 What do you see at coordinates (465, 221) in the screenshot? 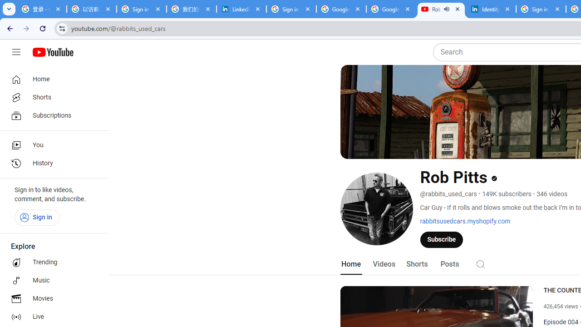
I see `'rabbitsusedcars.myshopify.com'` at bounding box center [465, 221].